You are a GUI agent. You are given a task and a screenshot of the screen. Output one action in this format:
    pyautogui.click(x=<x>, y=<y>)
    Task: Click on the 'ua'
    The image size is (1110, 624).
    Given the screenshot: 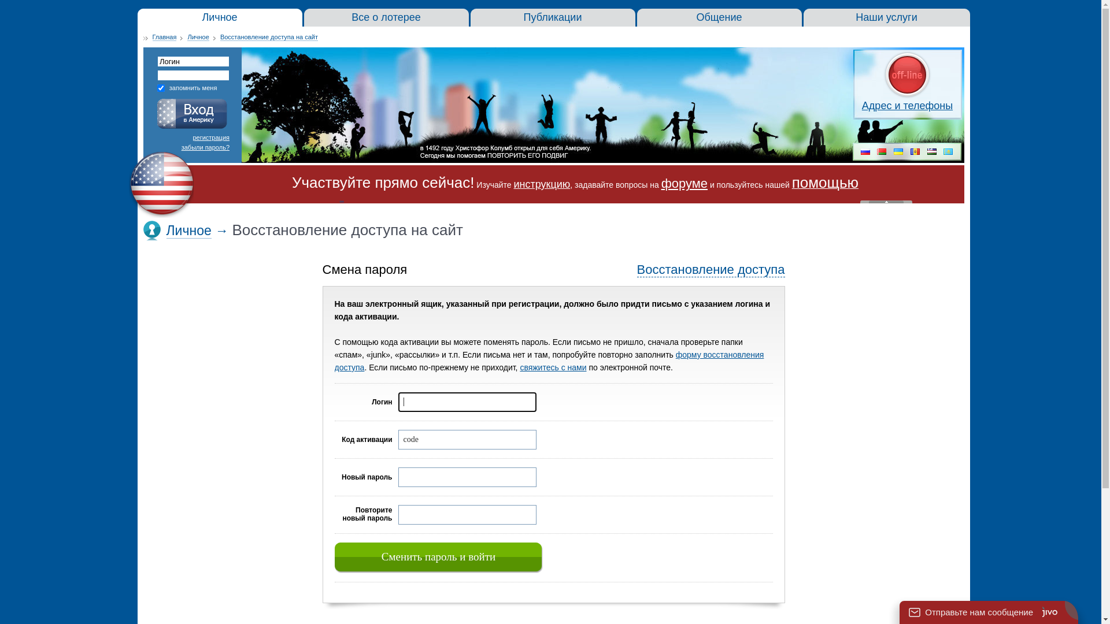 What is the action you would take?
    pyautogui.click(x=893, y=152)
    